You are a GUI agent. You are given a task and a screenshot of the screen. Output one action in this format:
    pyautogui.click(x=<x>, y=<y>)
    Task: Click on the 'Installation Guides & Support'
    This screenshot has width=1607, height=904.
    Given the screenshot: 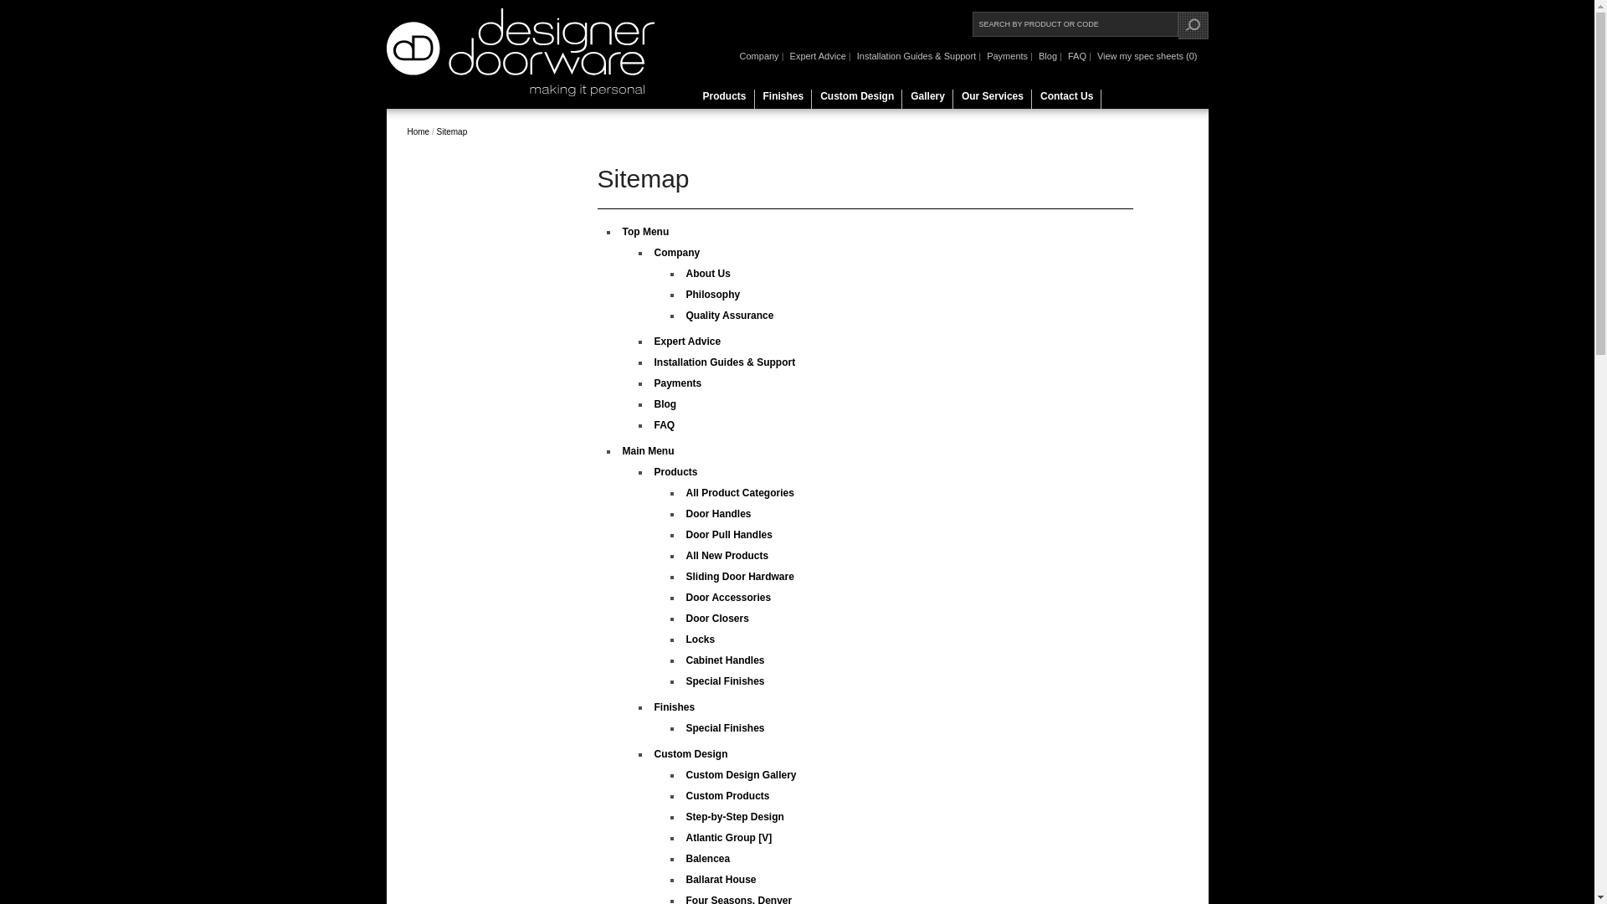 What is the action you would take?
    pyautogui.click(x=725, y=361)
    